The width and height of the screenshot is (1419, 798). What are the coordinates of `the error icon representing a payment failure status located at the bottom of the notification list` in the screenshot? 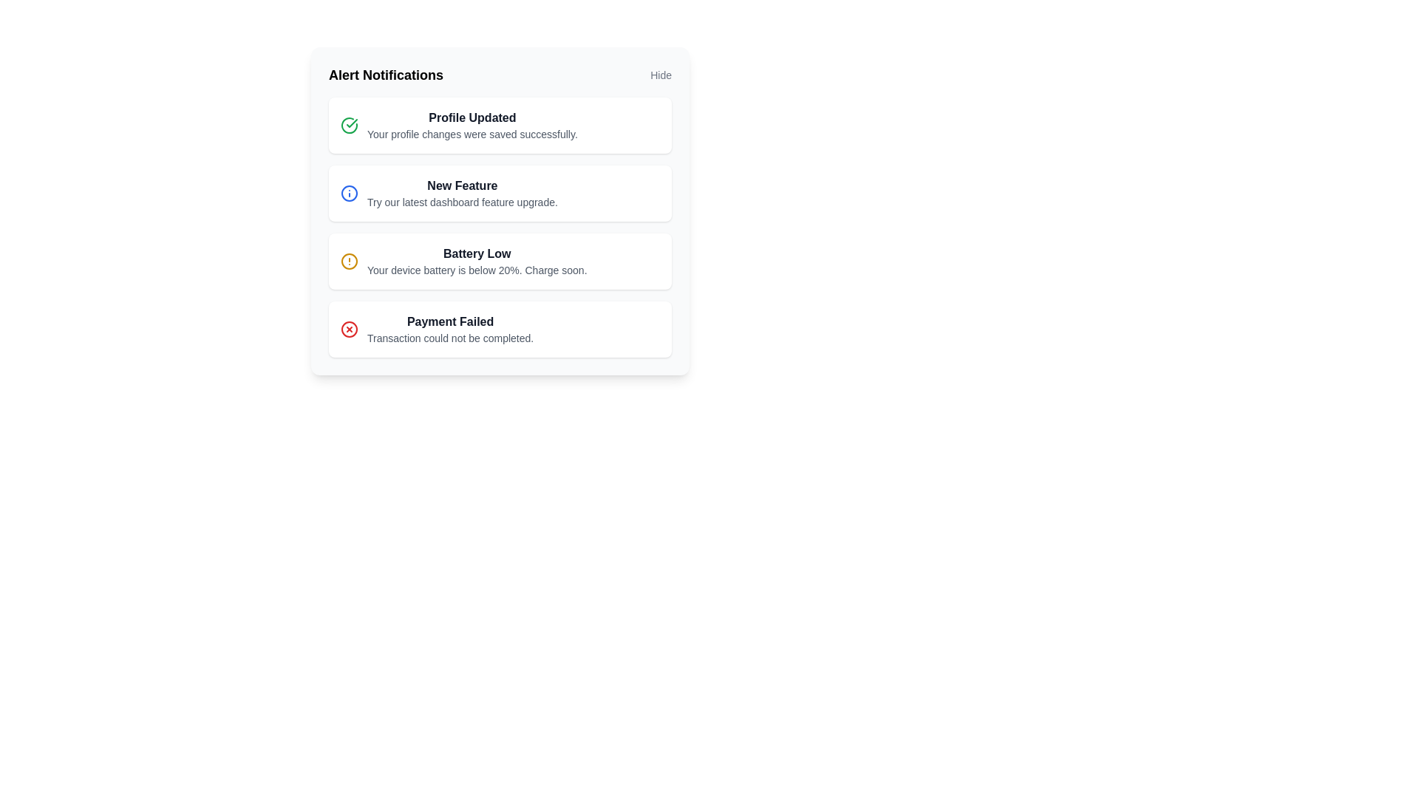 It's located at (349, 329).